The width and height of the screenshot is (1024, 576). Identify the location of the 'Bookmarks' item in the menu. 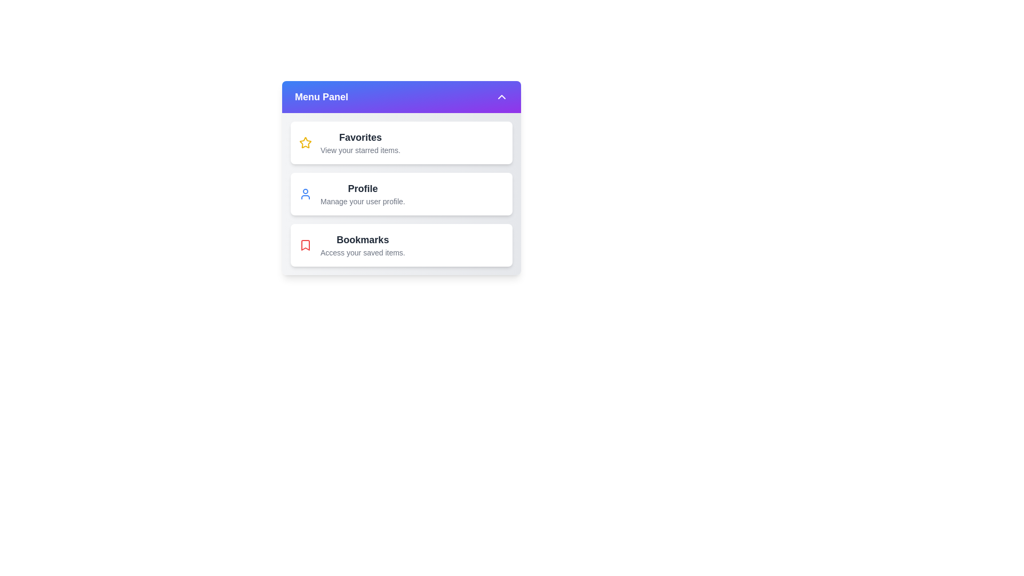
(401, 245).